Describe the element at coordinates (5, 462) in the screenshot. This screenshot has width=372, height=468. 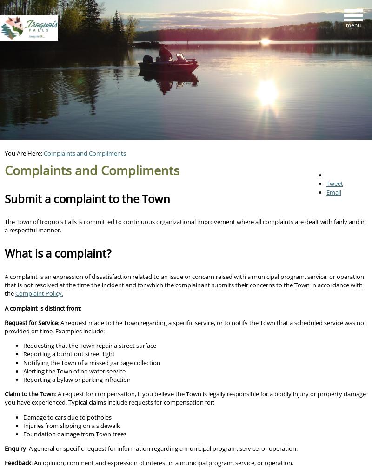
I see `'Feedback'` at that location.